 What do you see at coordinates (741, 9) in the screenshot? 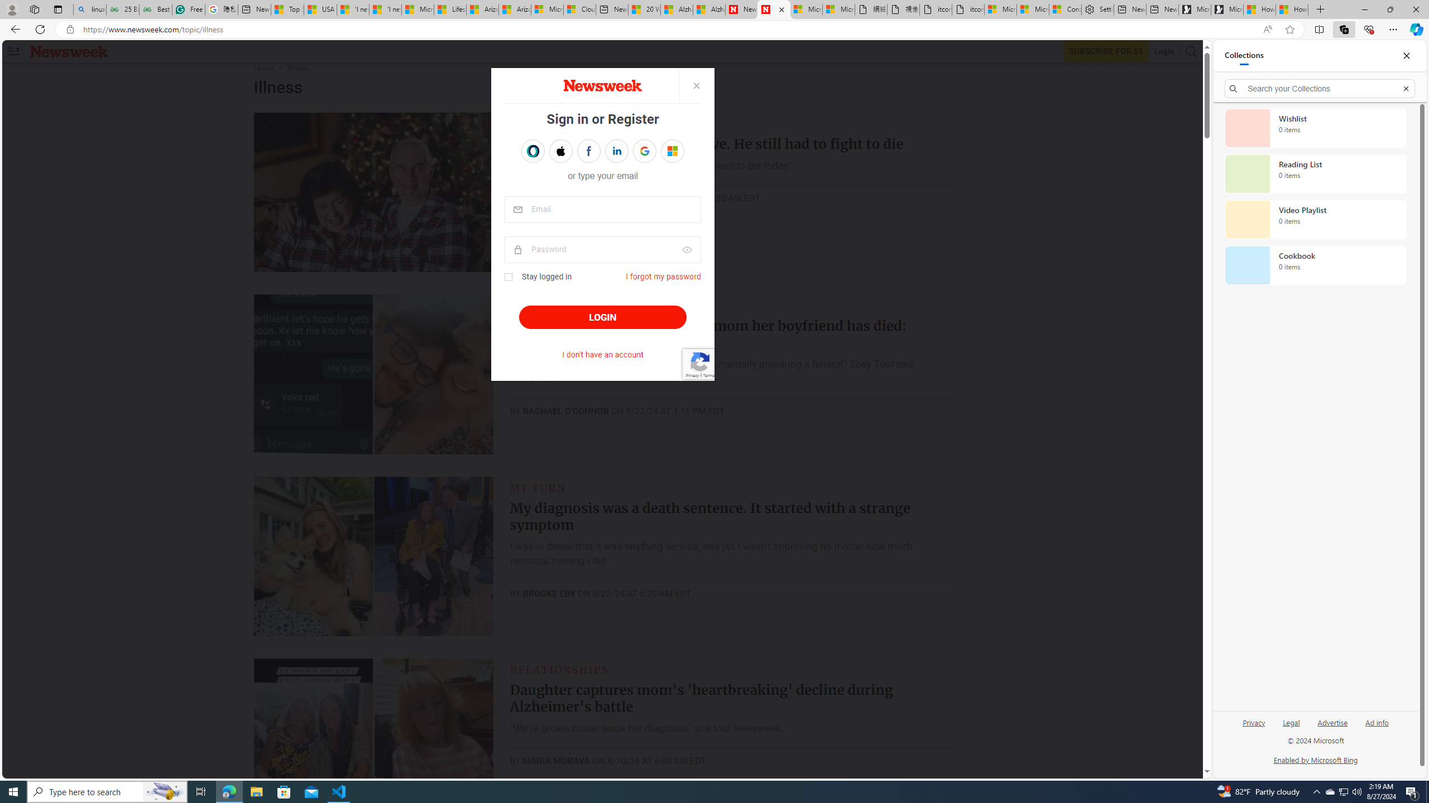
I see `'Newsweek - News, Analysis, Politics, Business, Technology'` at bounding box center [741, 9].